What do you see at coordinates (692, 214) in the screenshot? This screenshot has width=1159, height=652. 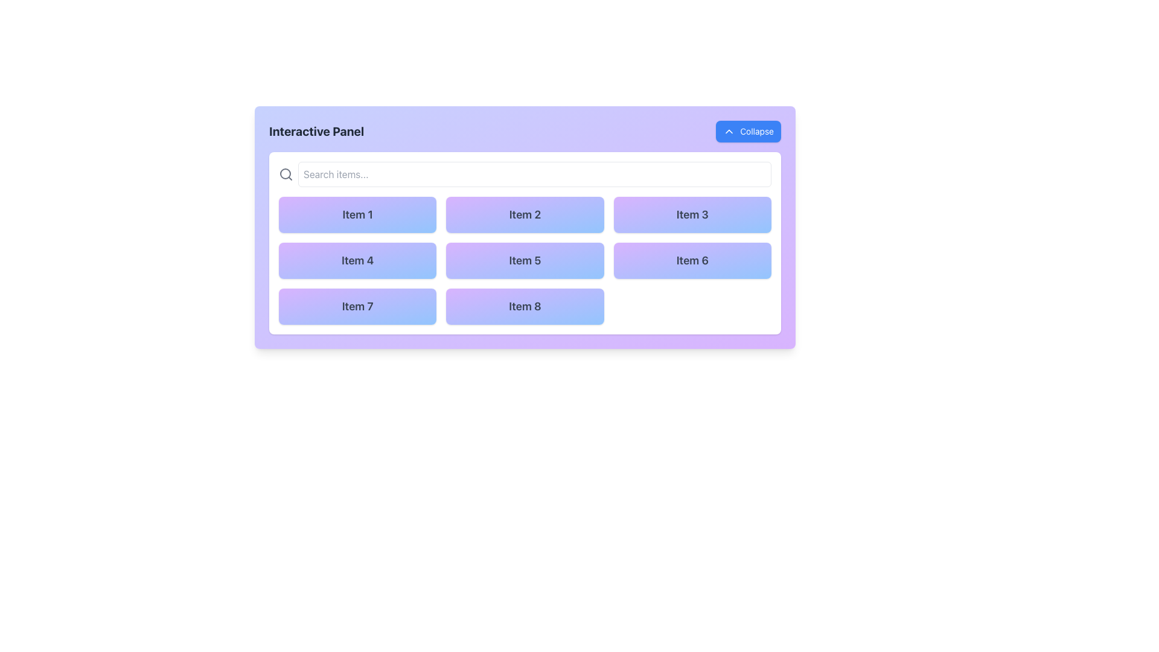 I see `the button that represents 'Item 3' in the selectable grid` at bounding box center [692, 214].